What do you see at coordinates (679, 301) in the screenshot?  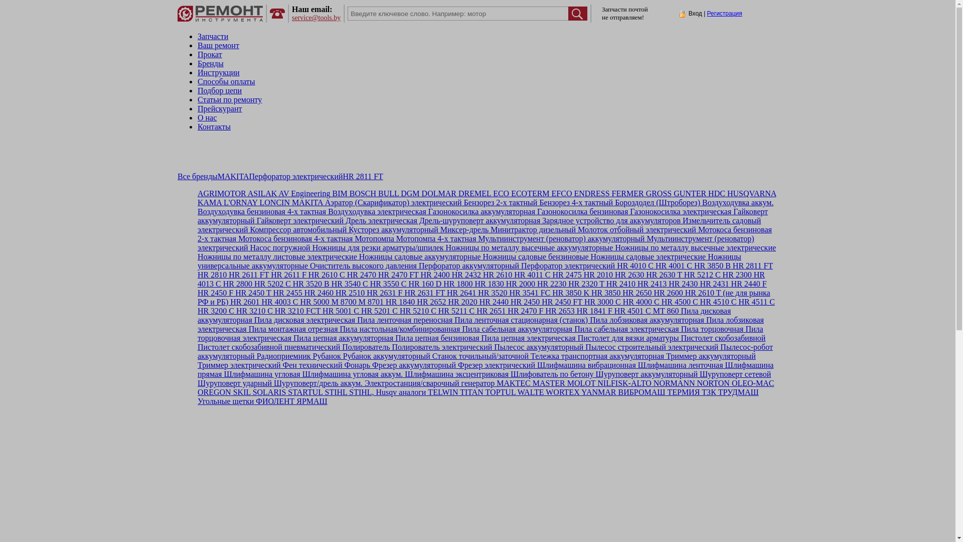 I see `'HR 4500 C'` at bounding box center [679, 301].